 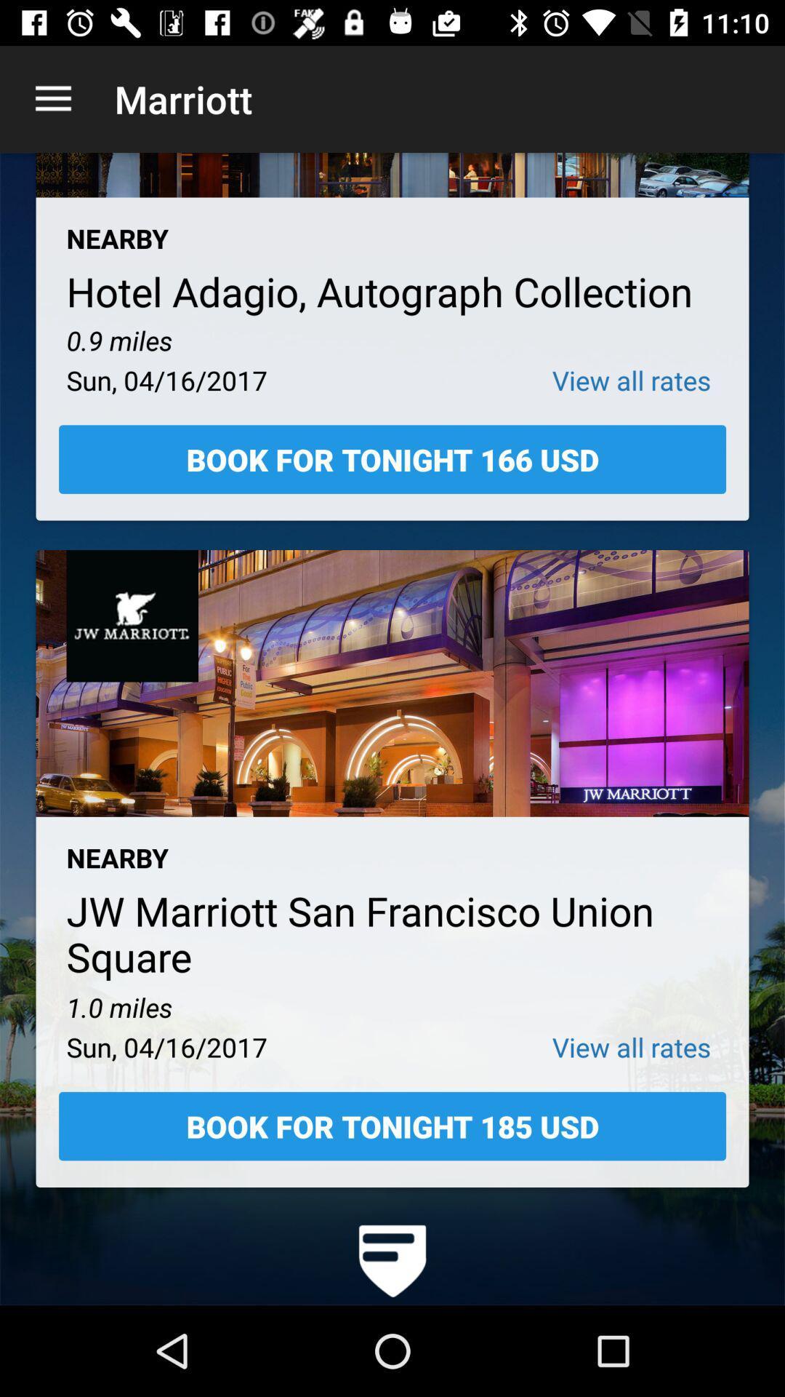 What do you see at coordinates (52, 98) in the screenshot?
I see `the icon to the left of marriott` at bounding box center [52, 98].